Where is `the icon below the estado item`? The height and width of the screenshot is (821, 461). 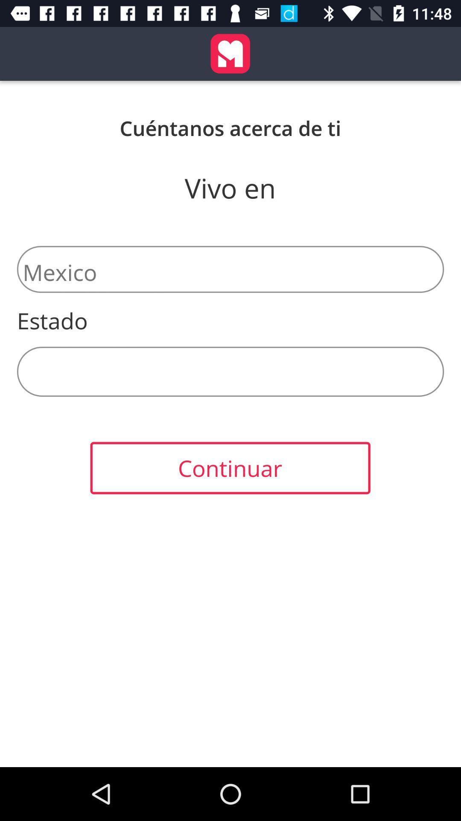 the icon below the estado item is located at coordinates (230, 372).